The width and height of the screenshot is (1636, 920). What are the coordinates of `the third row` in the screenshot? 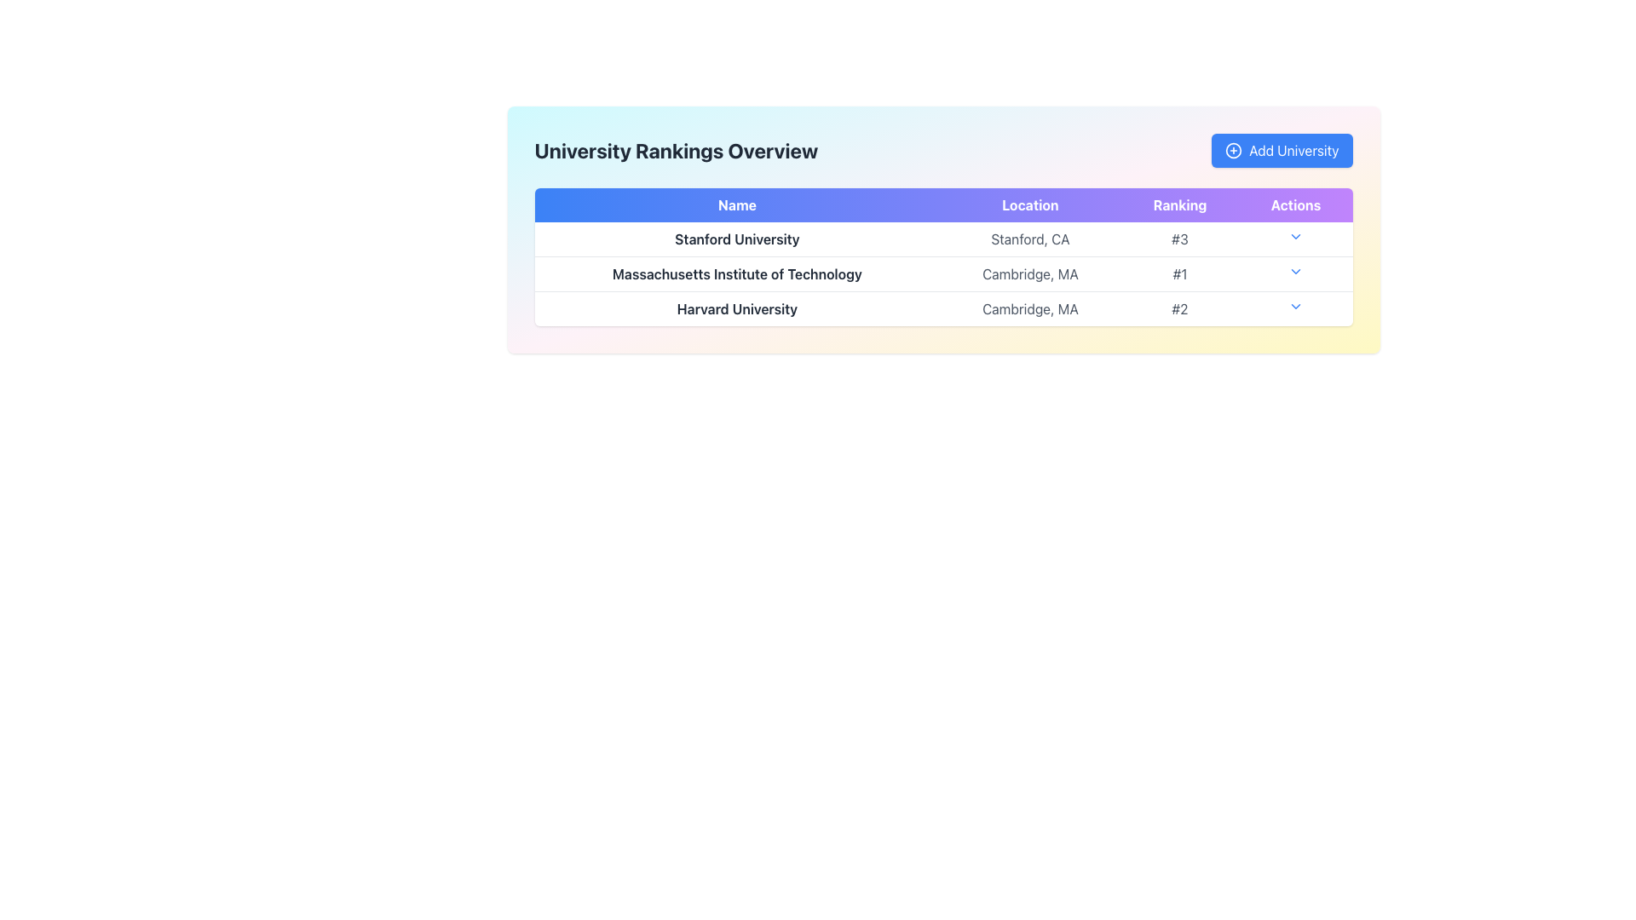 It's located at (942, 308).